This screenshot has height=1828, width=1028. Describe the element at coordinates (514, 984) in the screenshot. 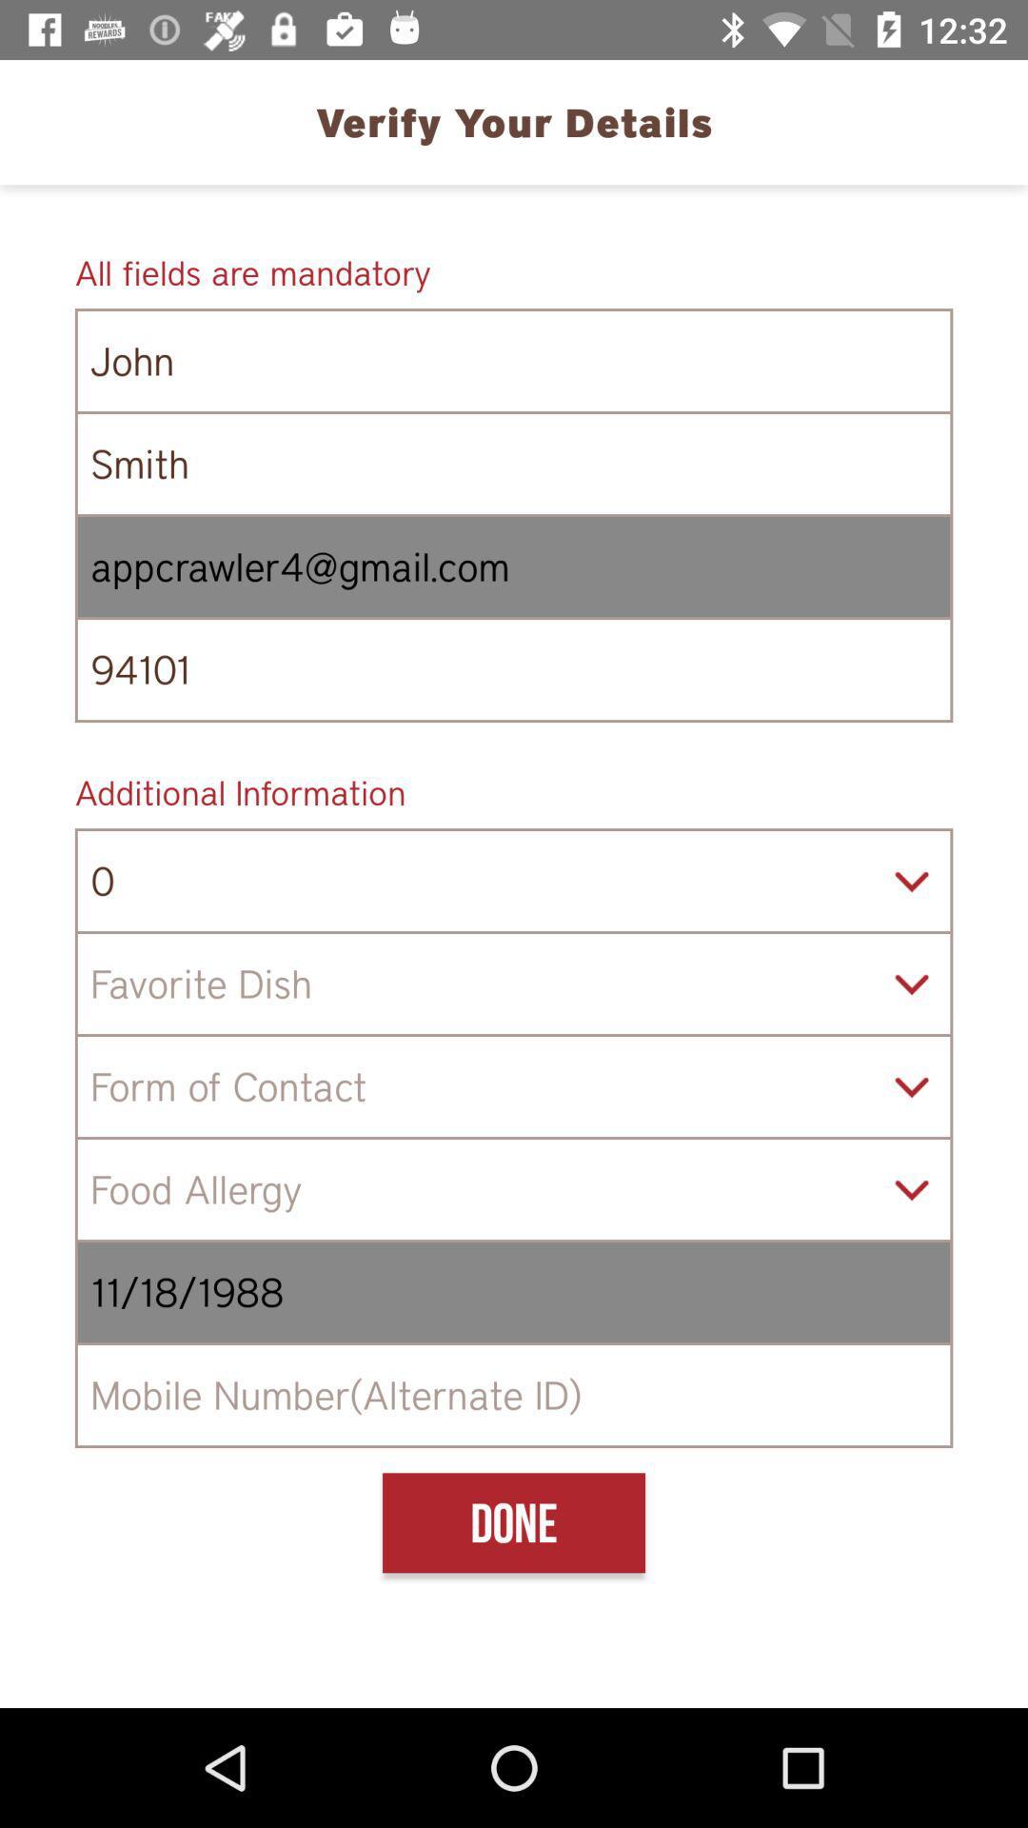

I see `food drop down box` at that location.